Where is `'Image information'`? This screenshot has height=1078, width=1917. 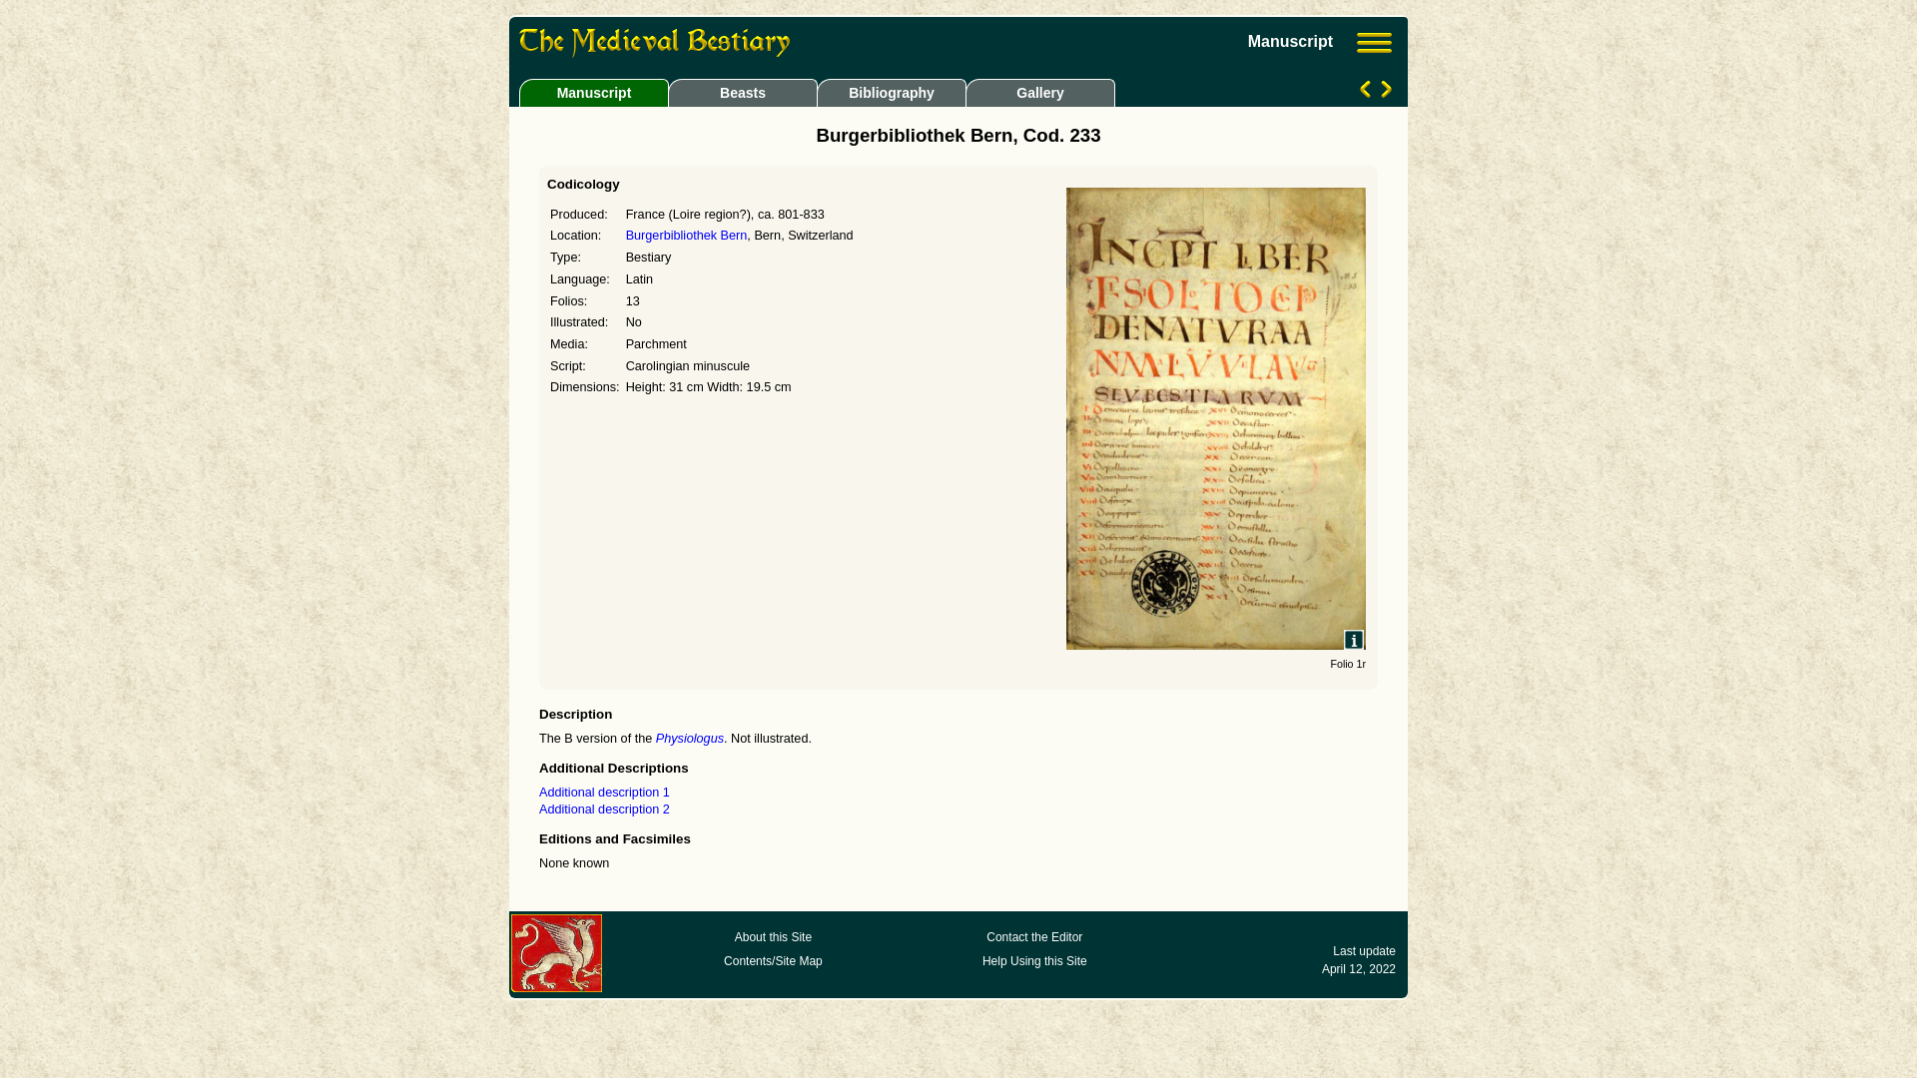
'Image information' is located at coordinates (1354, 639).